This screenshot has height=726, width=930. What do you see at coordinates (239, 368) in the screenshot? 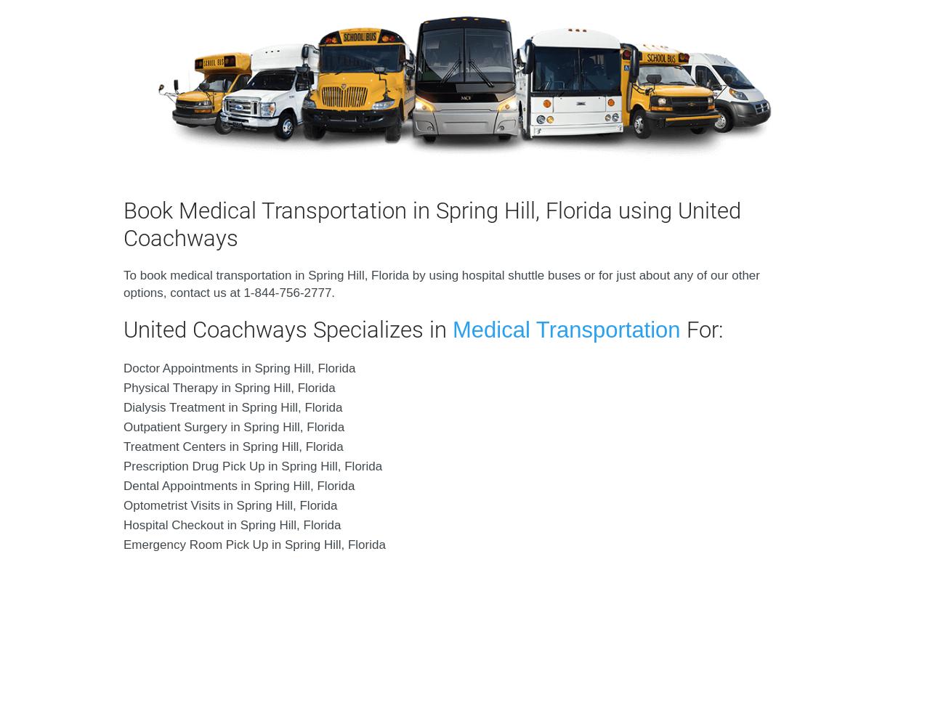
I see `'Doctor Appointments in Spring Hill, Florida'` at bounding box center [239, 368].